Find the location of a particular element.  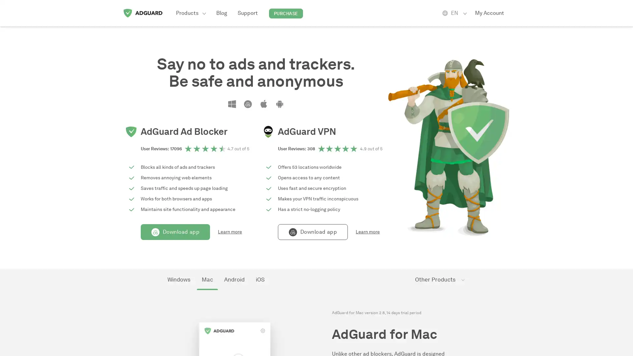

iOS is located at coordinates (260, 280).